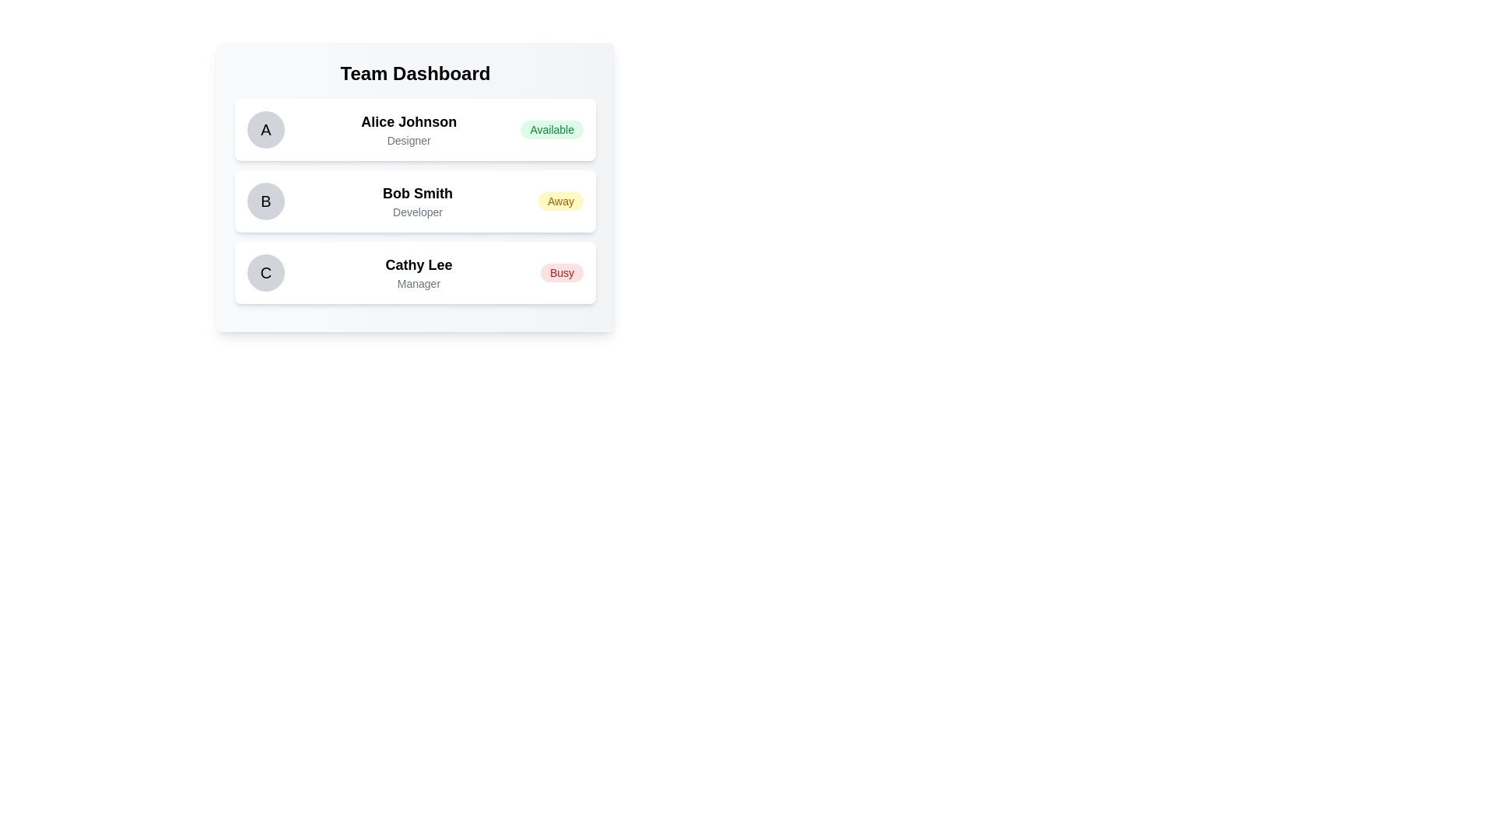 The width and height of the screenshot is (1494, 840). Describe the element at coordinates (418, 200) in the screenshot. I see `displayed text information from the Text Display element located in the center of the card labeled 'B', which is the second item in the vertical list under 'Team Dashboard'` at that location.